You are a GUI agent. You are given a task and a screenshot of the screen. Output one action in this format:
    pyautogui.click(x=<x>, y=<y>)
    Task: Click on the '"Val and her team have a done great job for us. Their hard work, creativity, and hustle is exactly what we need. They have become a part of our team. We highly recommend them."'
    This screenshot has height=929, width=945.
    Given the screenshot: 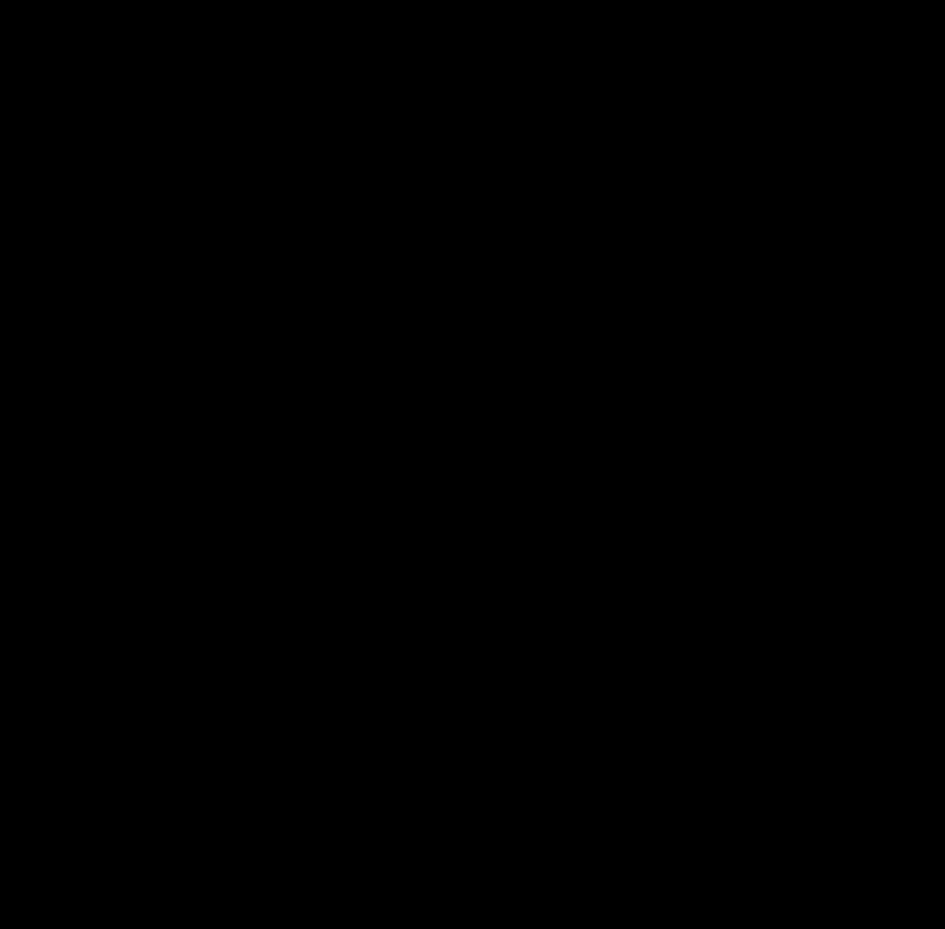 What is the action you would take?
    pyautogui.click(x=488, y=385)
    